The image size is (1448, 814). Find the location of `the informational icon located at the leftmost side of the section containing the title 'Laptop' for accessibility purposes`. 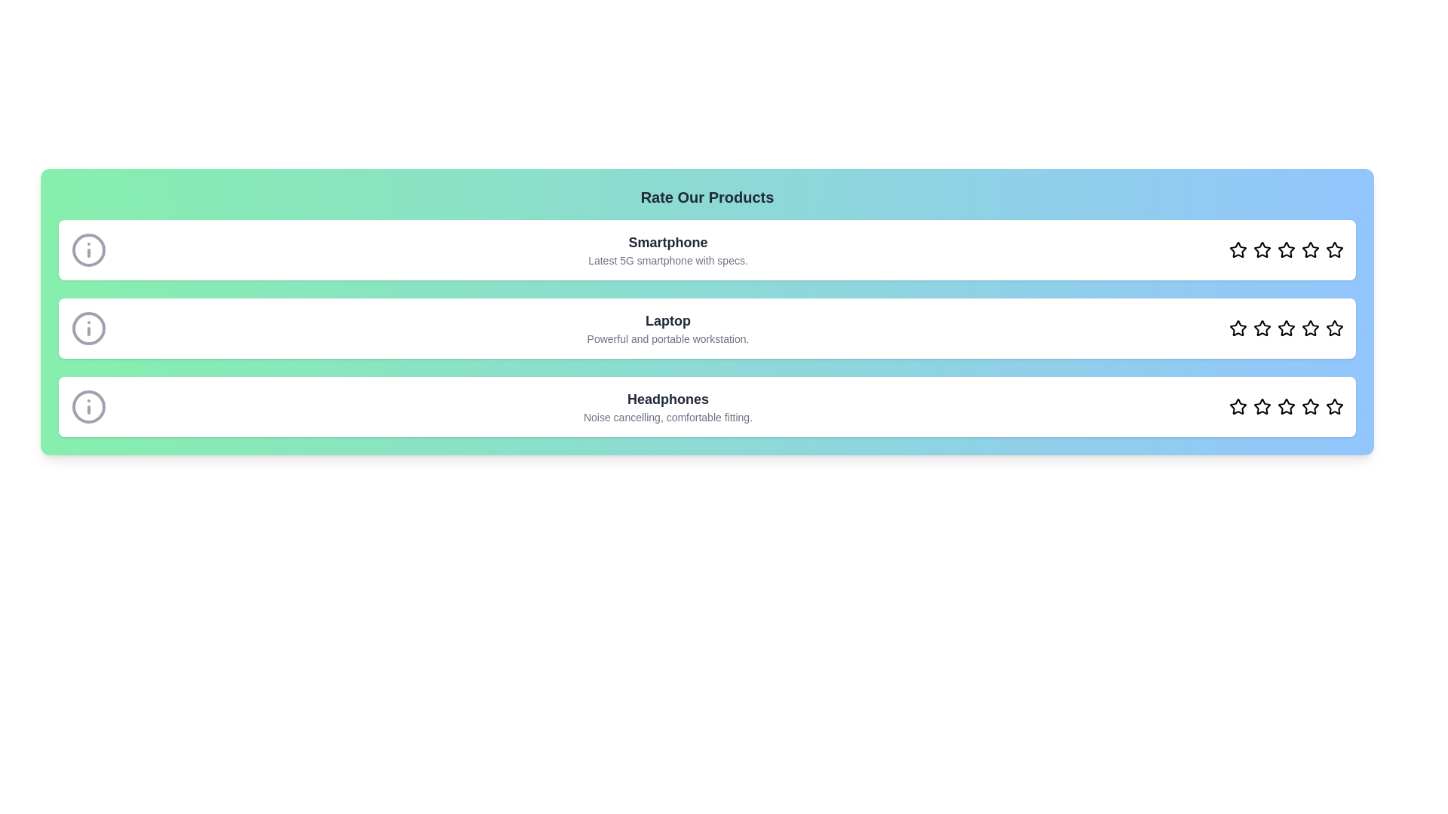

the informational icon located at the leftmost side of the section containing the title 'Laptop' for accessibility purposes is located at coordinates (88, 327).